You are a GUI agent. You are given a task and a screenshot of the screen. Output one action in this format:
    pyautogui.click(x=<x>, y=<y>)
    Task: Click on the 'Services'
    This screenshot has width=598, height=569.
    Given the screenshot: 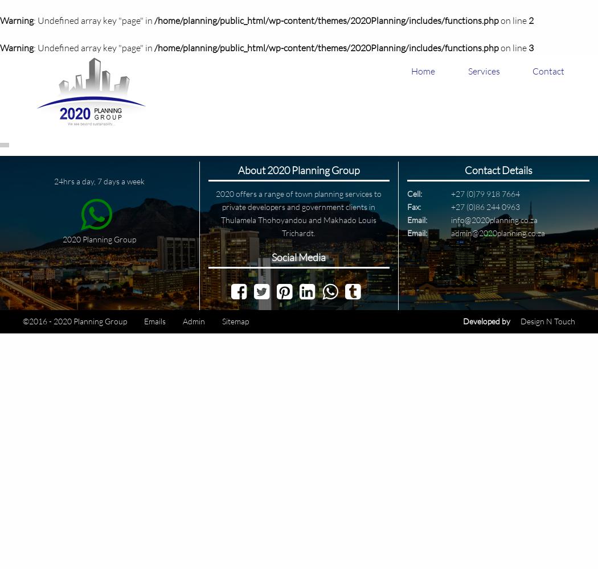 What is the action you would take?
    pyautogui.click(x=484, y=71)
    